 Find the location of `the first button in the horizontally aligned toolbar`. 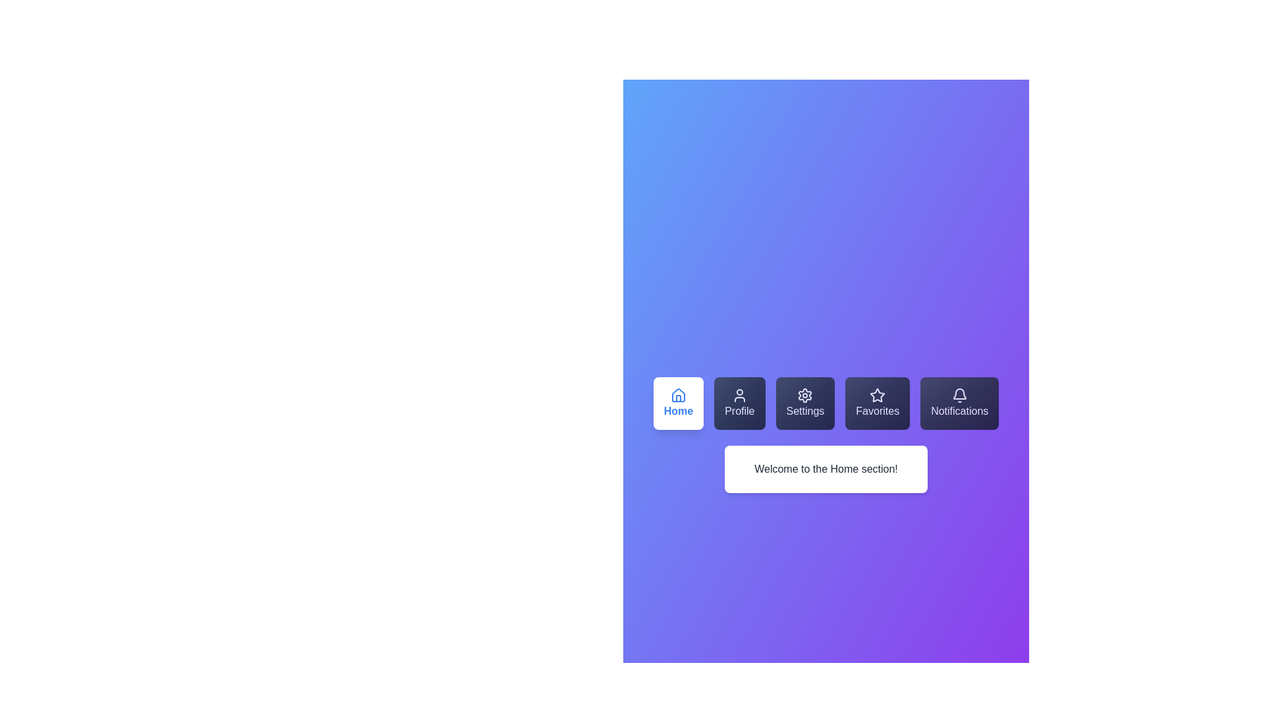

the first button in the horizontally aligned toolbar is located at coordinates (678, 403).